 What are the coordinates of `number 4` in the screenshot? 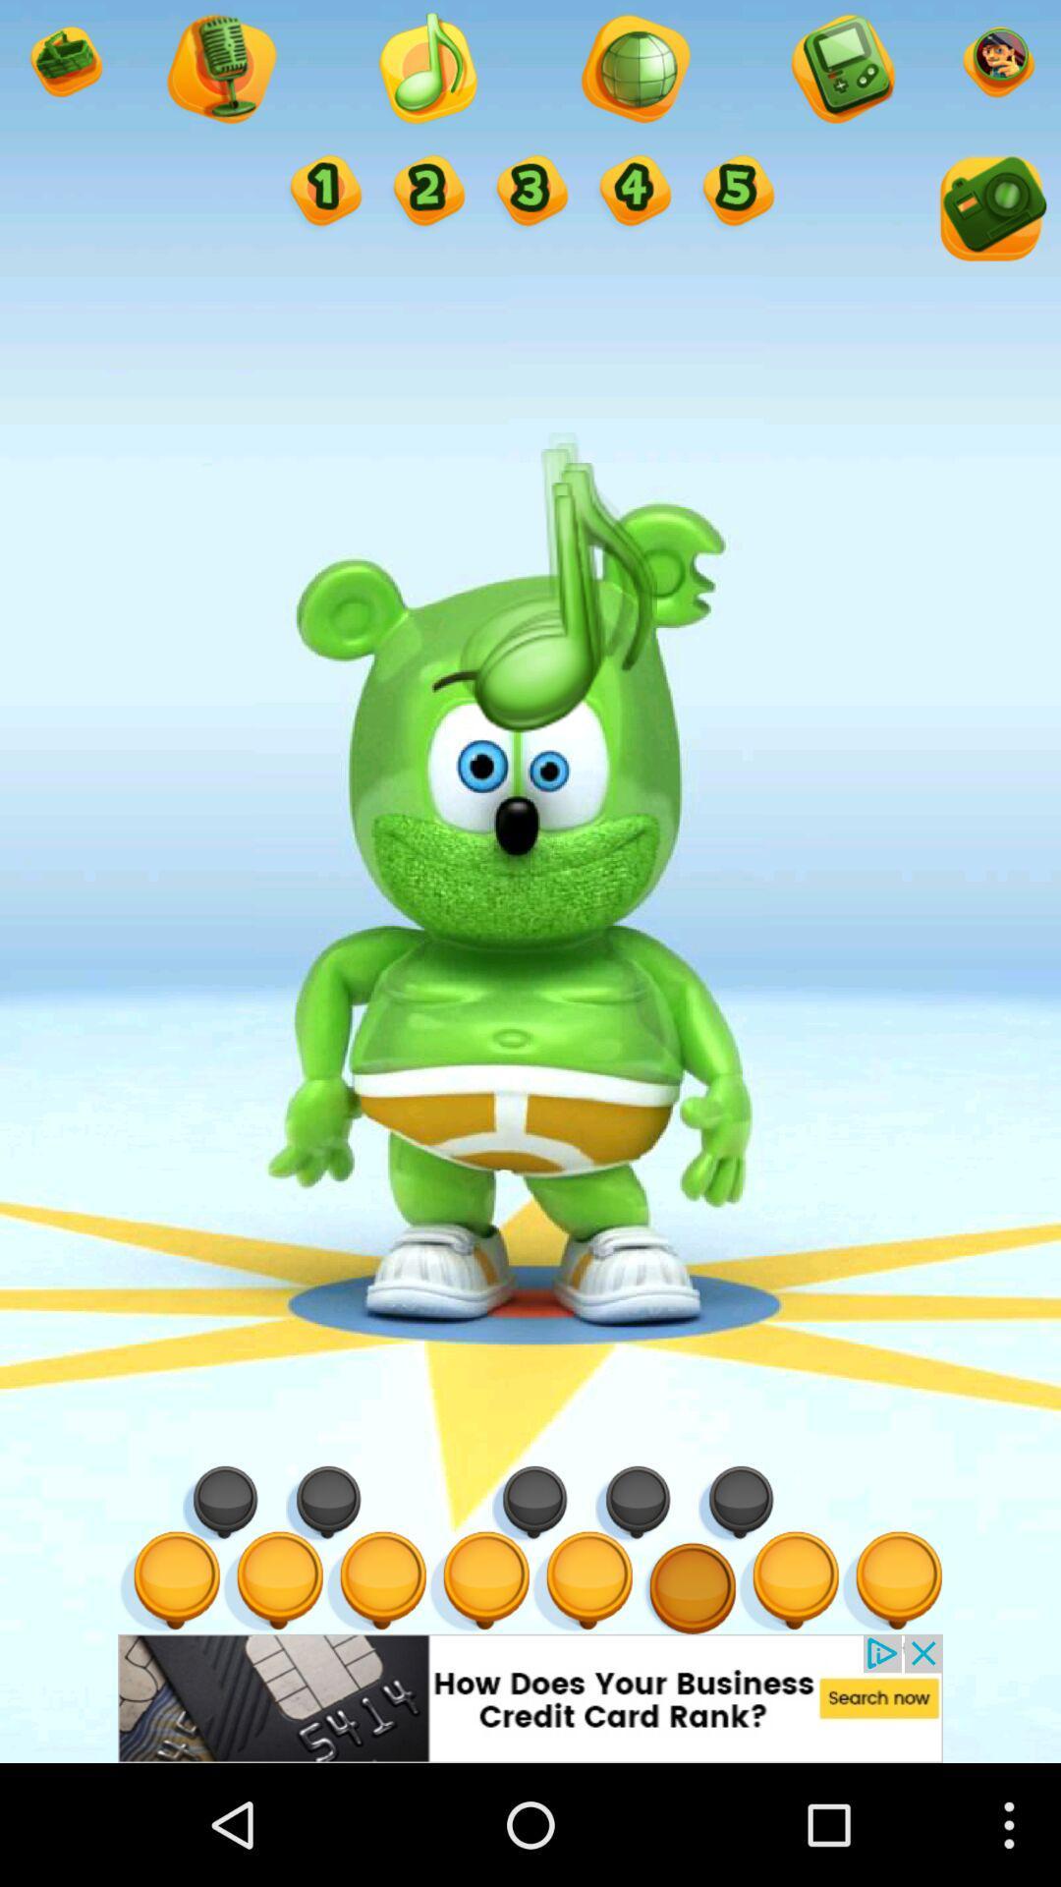 It's located at (633, 193).